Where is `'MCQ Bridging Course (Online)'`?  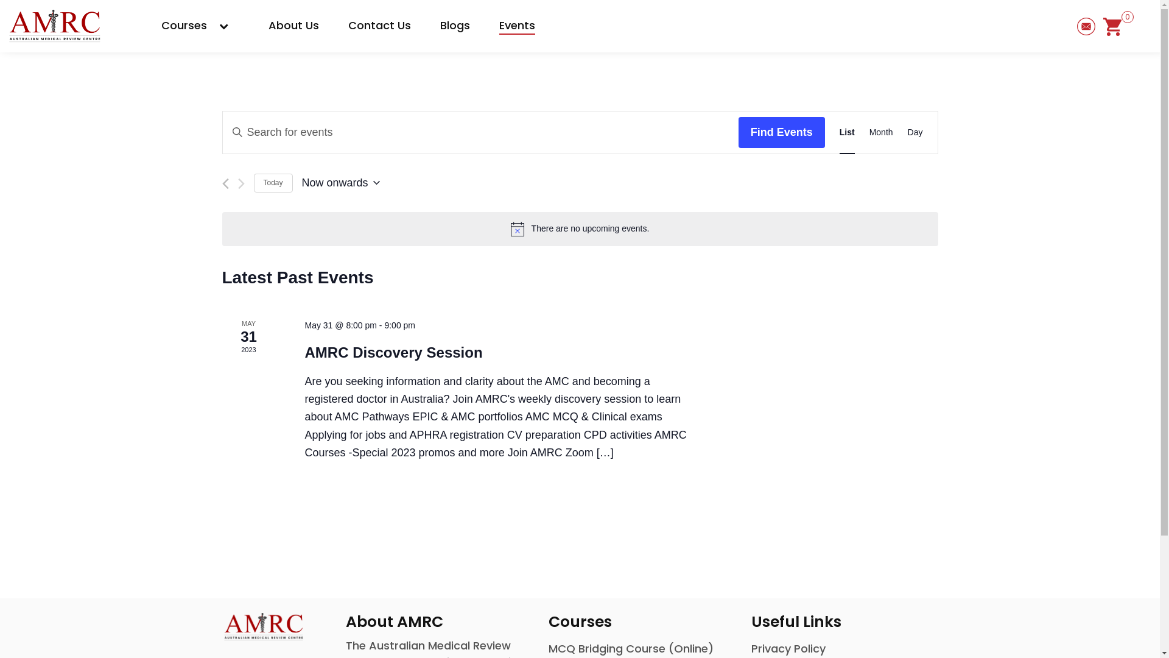 'MCQ Bridging Course (Online)' is located at coordinates (631, 648).